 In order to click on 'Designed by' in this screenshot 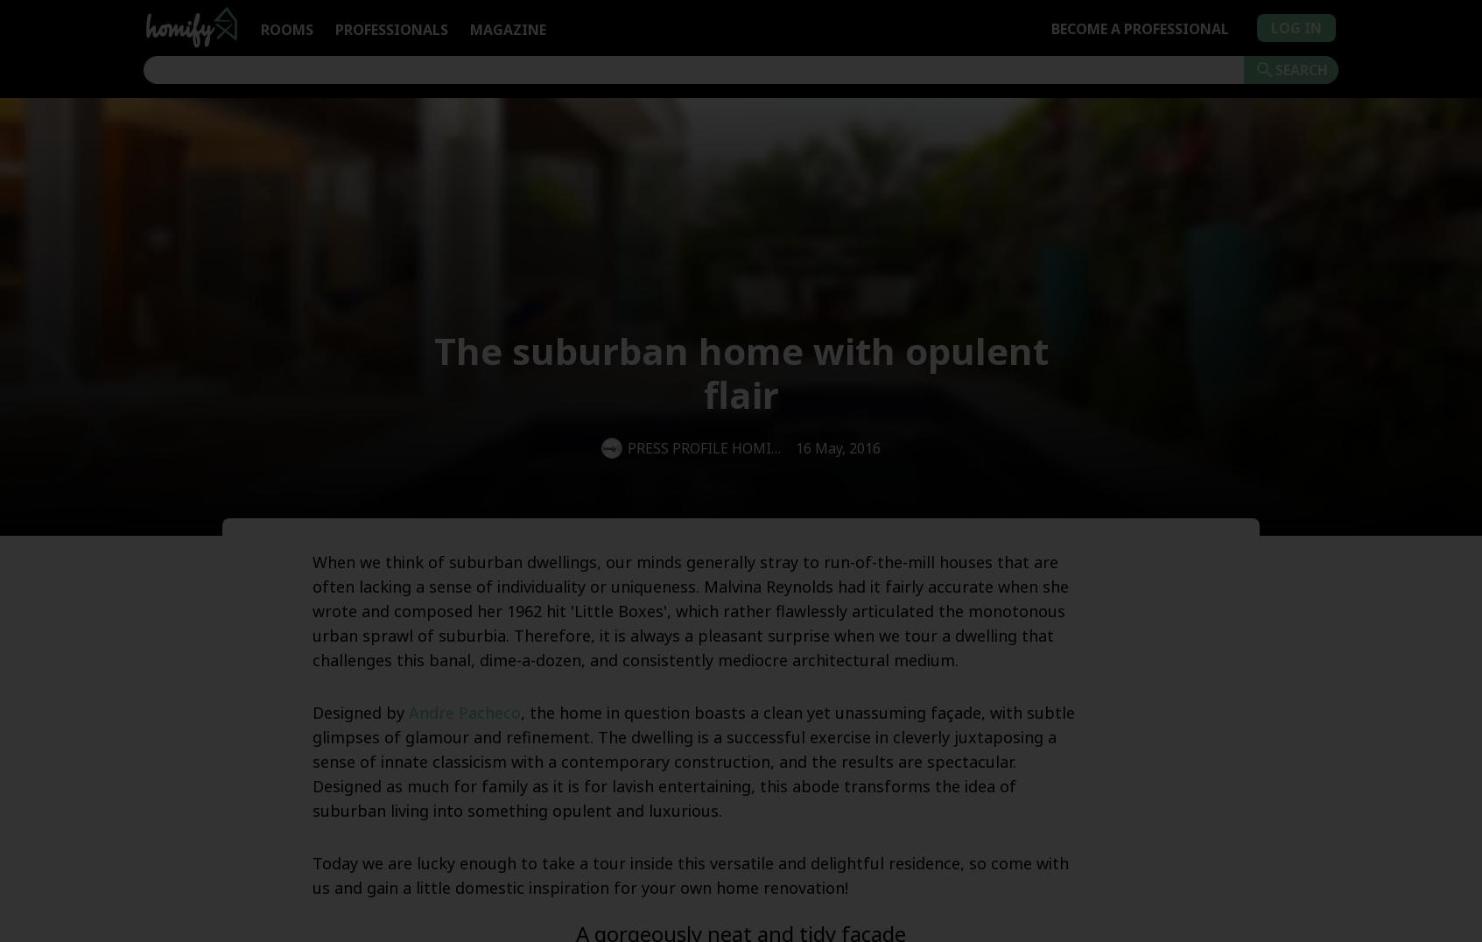, I will do `click(359, 711)`.